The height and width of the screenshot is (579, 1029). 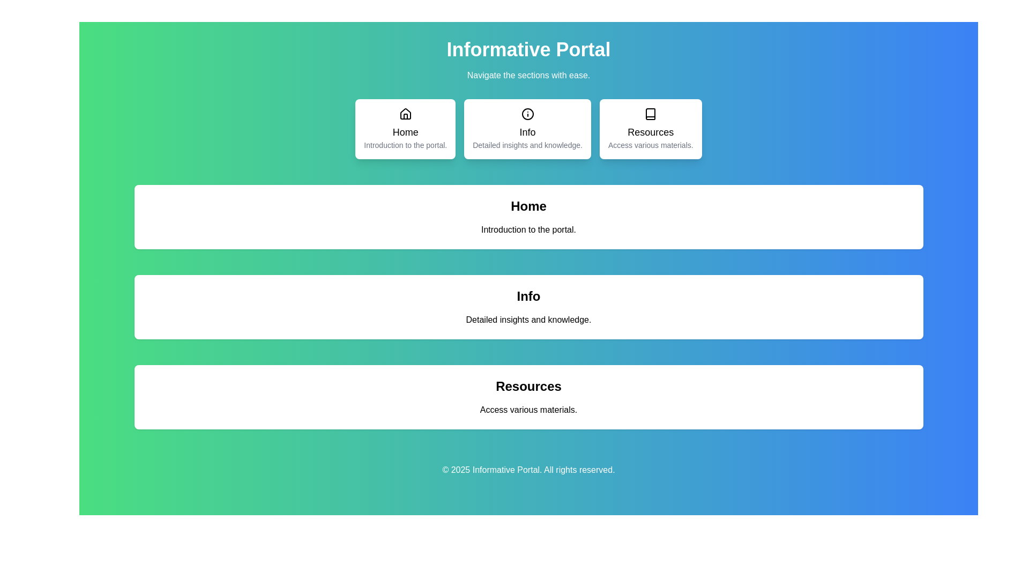 What do you see at coordinates (527, 114) in the screenshot?
I see `the circular 'i' information icon located at the center of the second card labeled 'Info' in the row of three cards at the top of the page` at bounding box center [527, 114].